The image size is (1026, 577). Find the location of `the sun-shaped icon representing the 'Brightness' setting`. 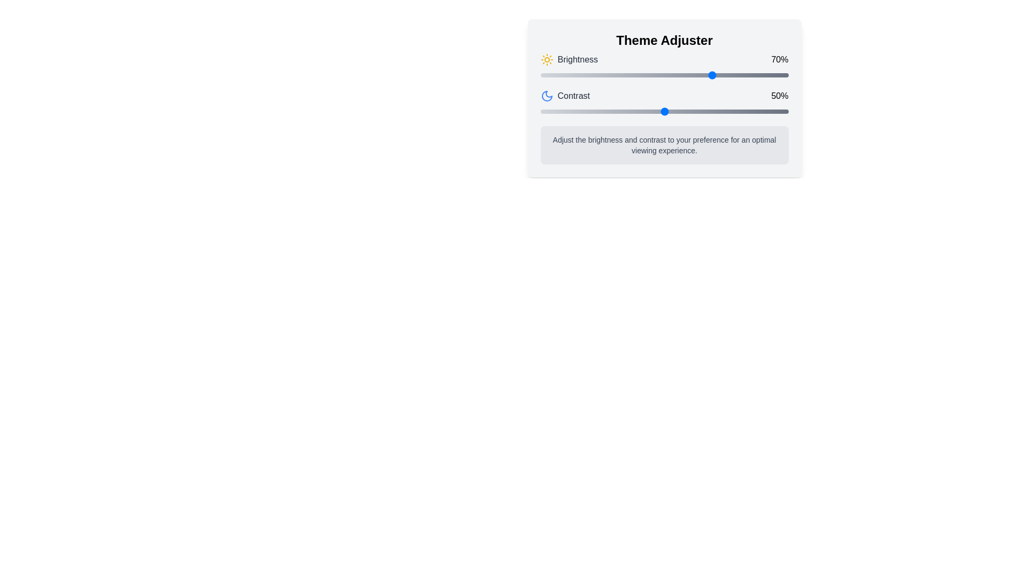

the sun-shaped icon representing the 'Brightness' setting is located at coordinates (547, 59).